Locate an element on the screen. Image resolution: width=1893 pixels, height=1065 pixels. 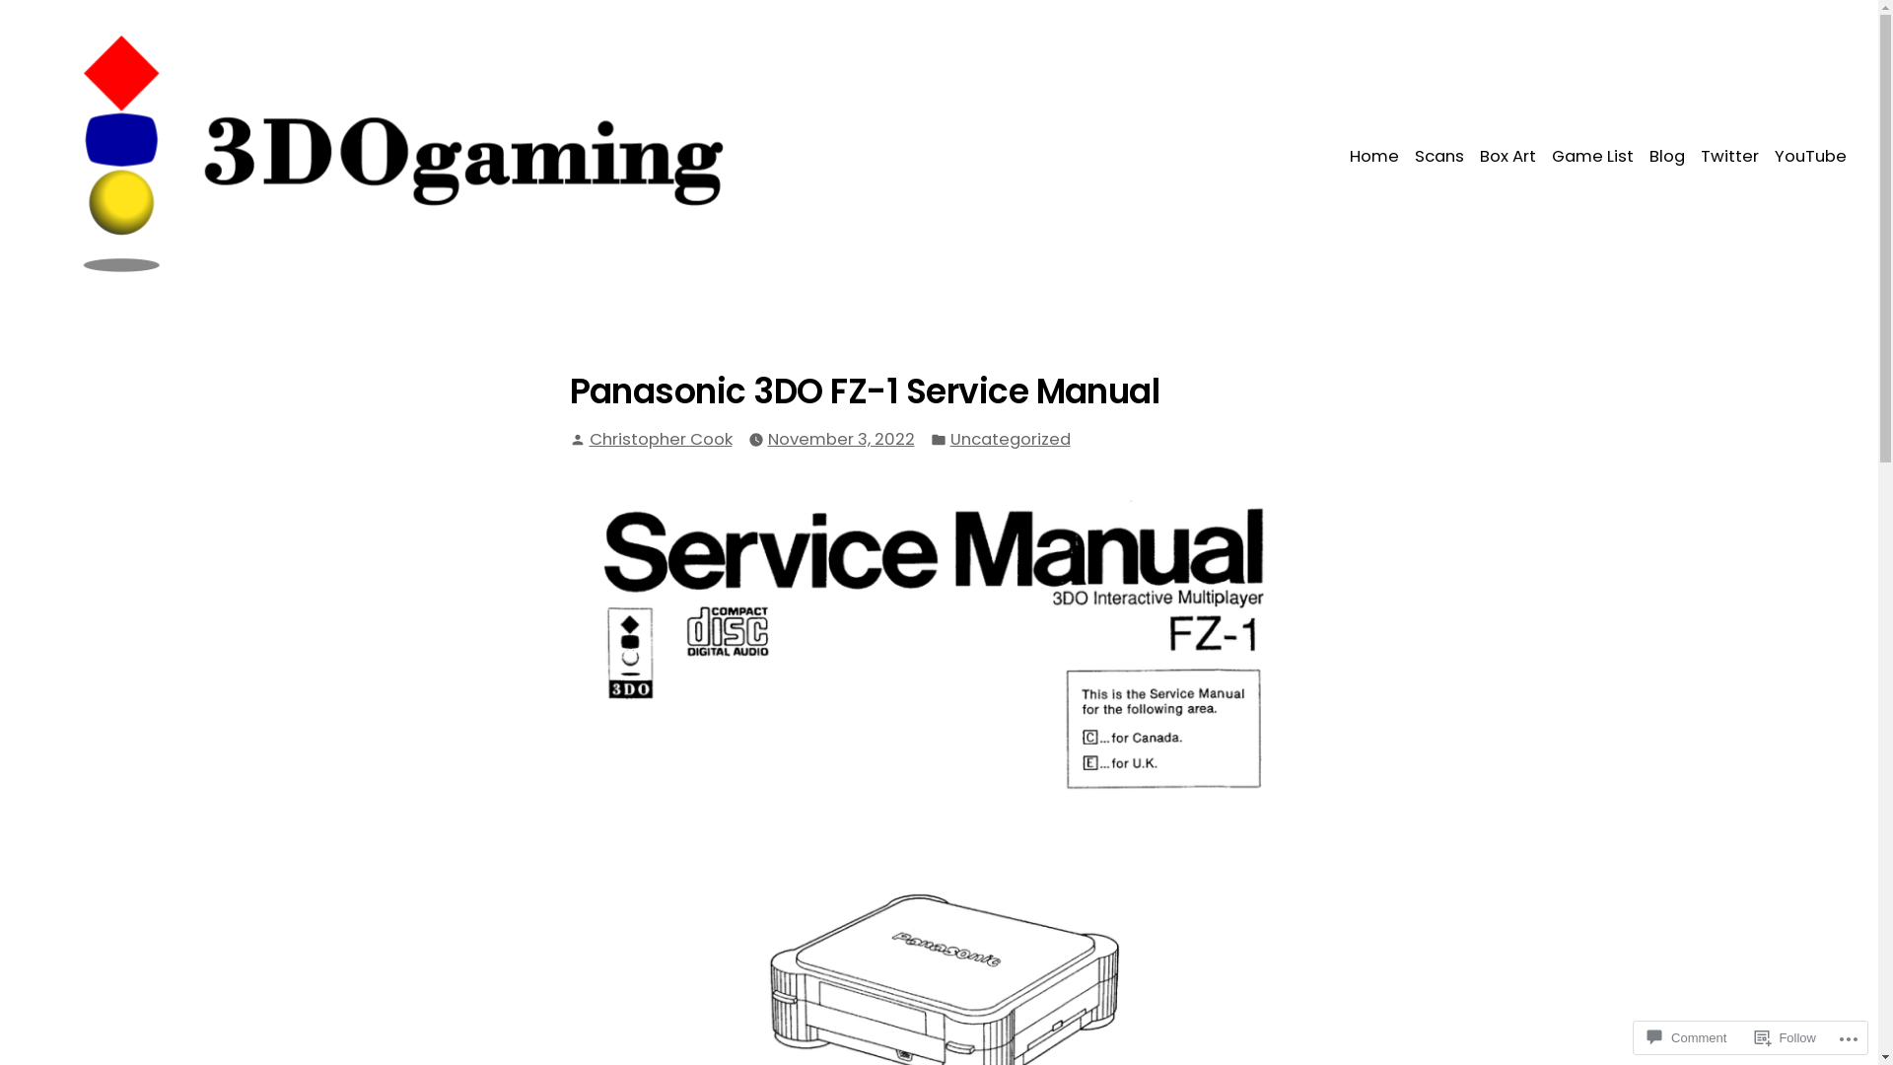
'Uncategorized' is located at coordinates (1011, 439).